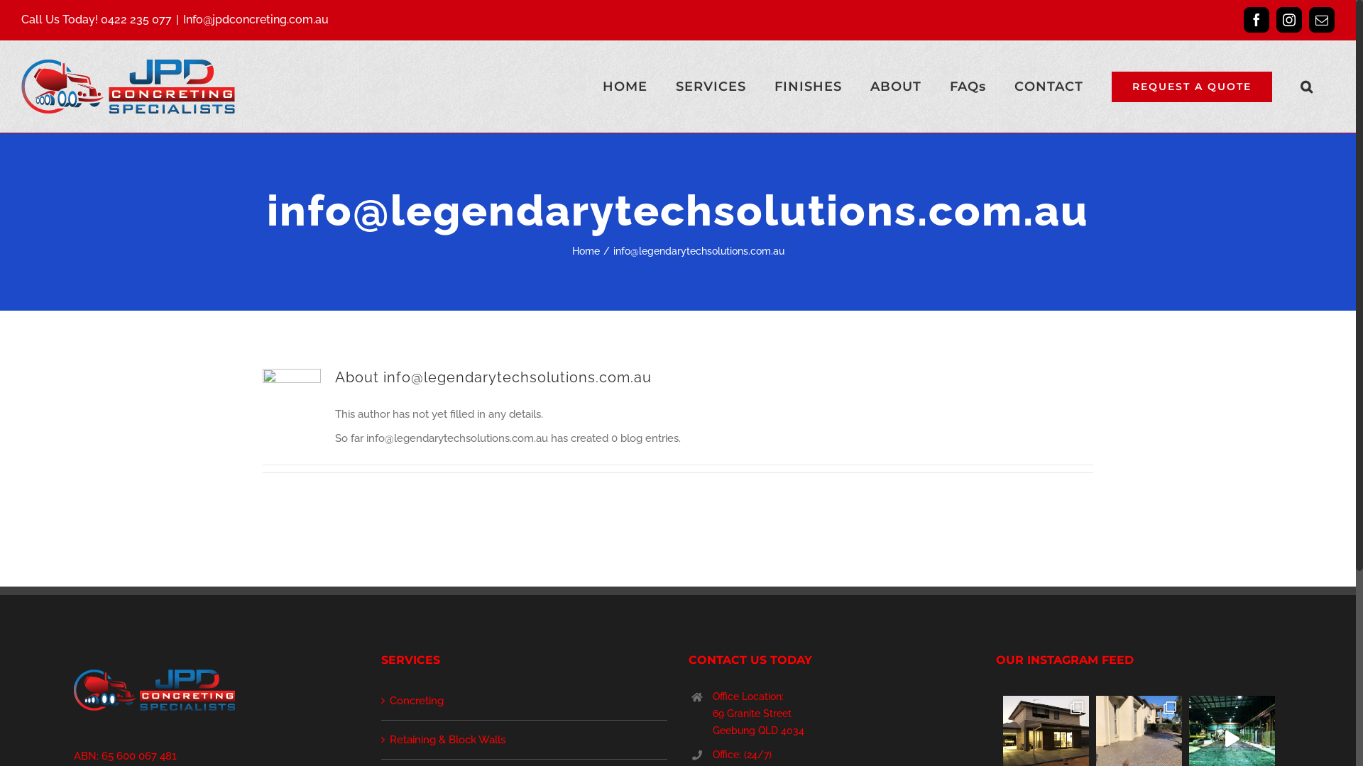 This screenshot has height=766, width=1363. Describe the element at coordinates (524, 699) in the screenshot. I see `'Concreting'` at that location.